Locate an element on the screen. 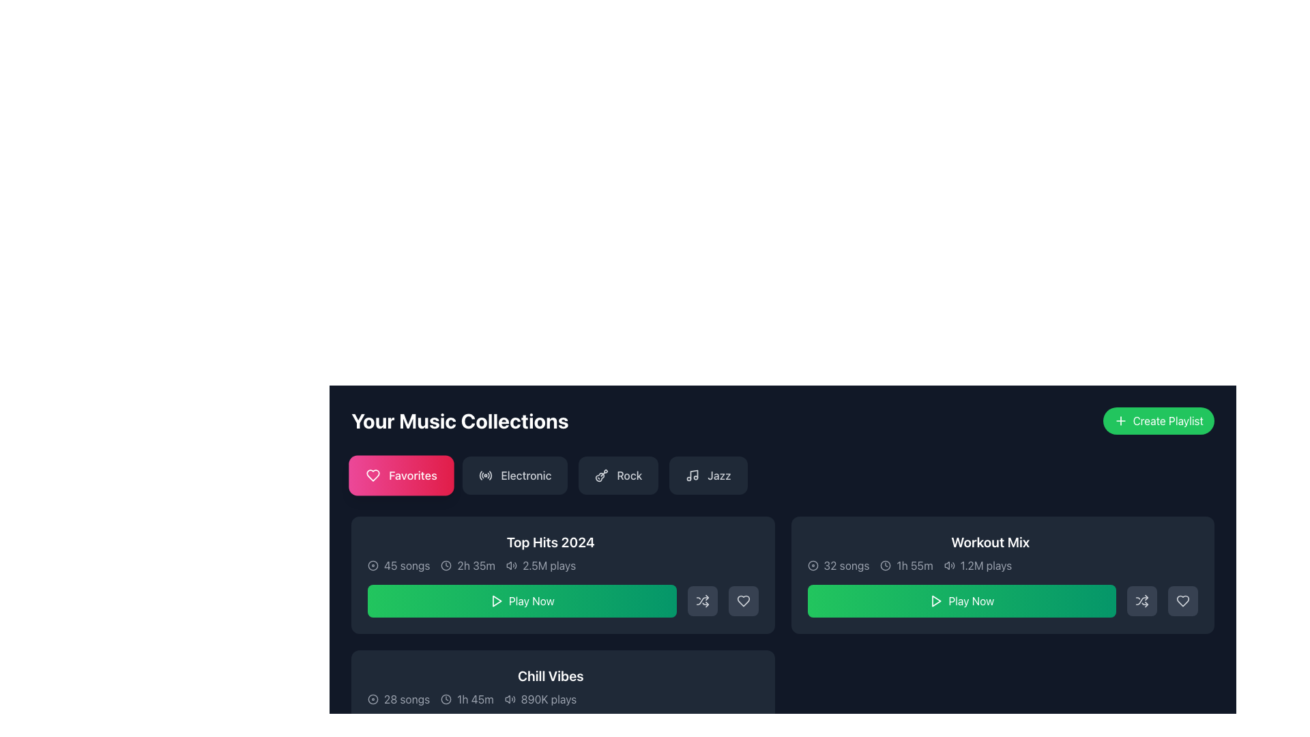 This screenshot has height=737, width=1310. the first button in the row below the 'Top Hits 2024' section to initiate playback of the music collection is located at coordinates (521, 600).